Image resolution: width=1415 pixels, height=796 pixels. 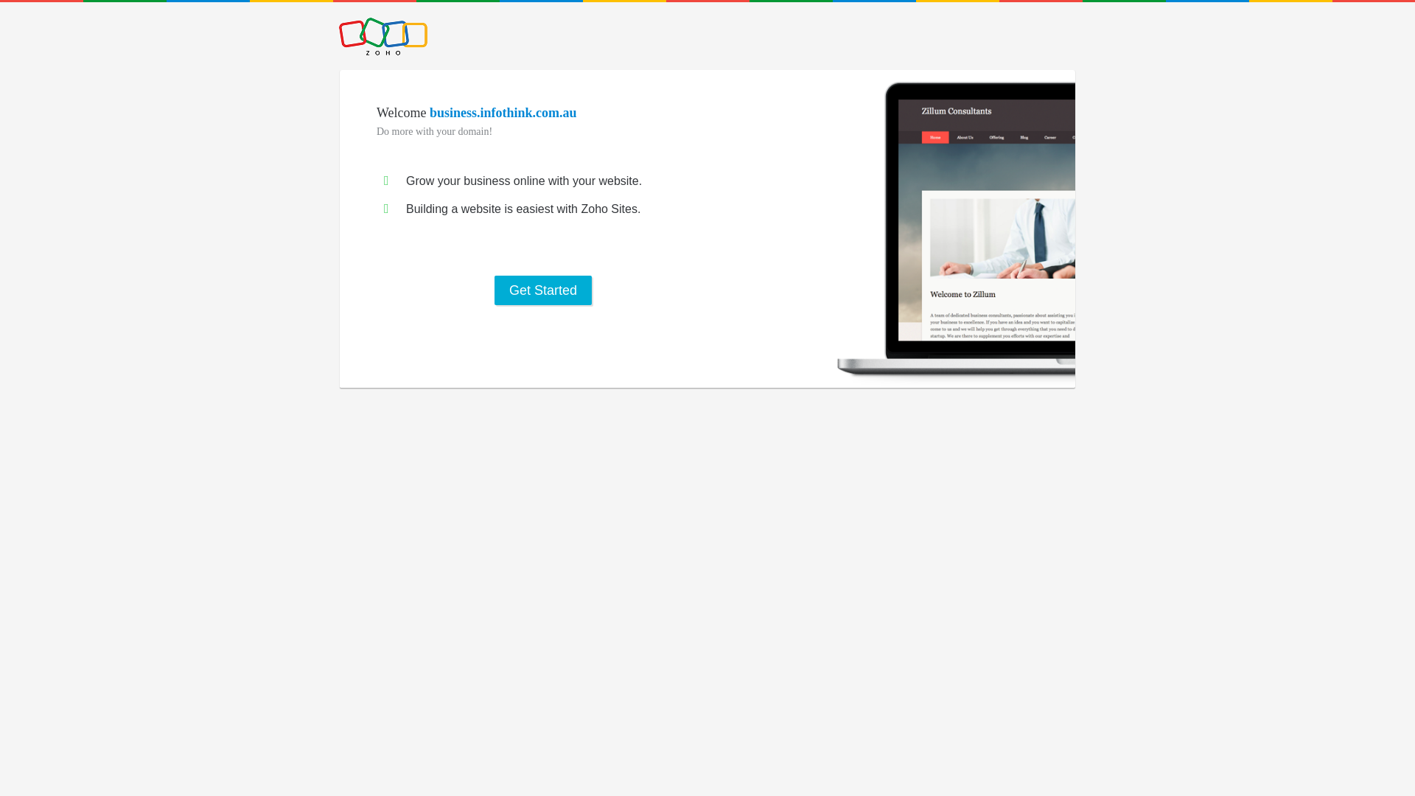 What do you see at coordinates (542, 290) in the screenshot?
I see `'Get Started'` at bounding box center [542, 290].